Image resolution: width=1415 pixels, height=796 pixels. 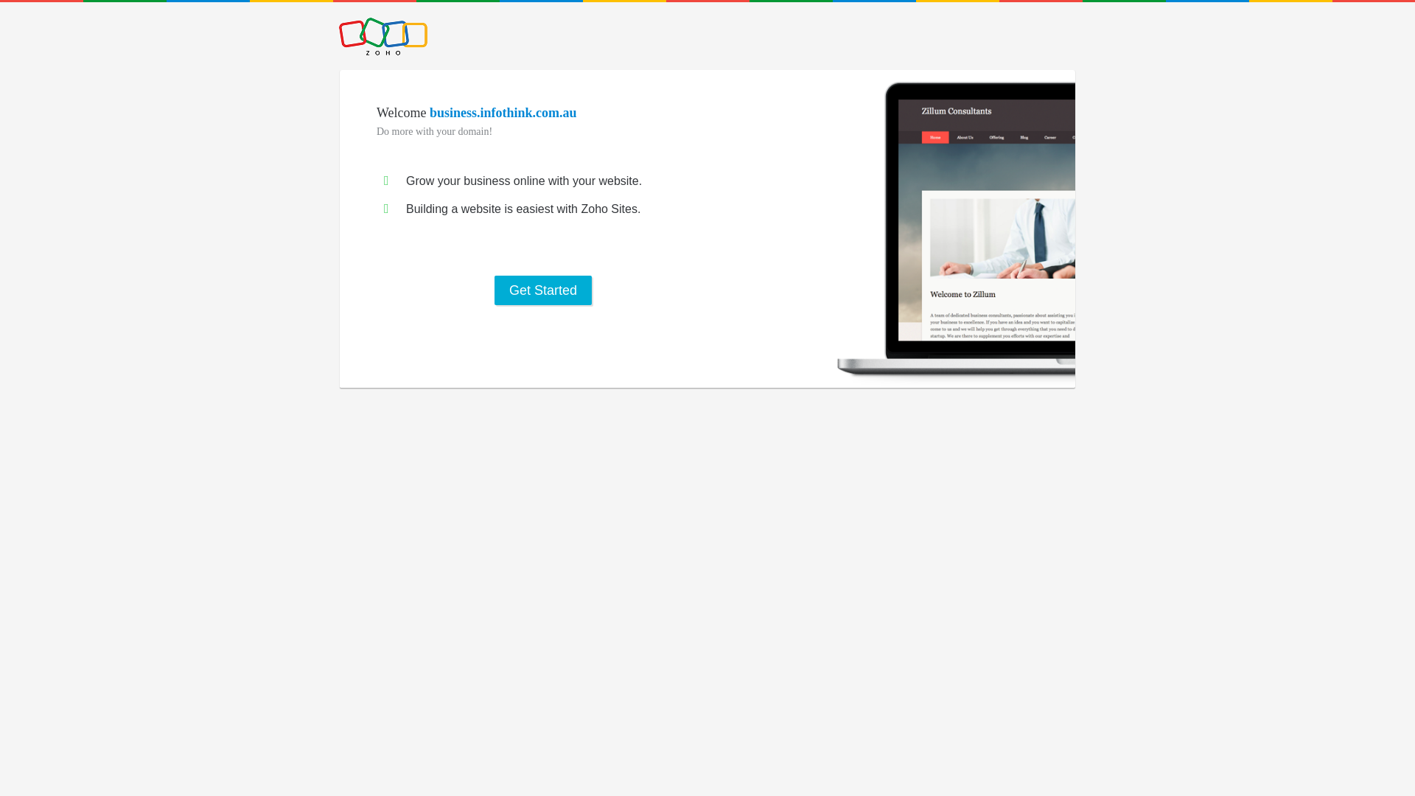 What do you see at coordinates (542, 290) in the screenshot?
I see `'Get Started'` at bounding box center [542, 290].